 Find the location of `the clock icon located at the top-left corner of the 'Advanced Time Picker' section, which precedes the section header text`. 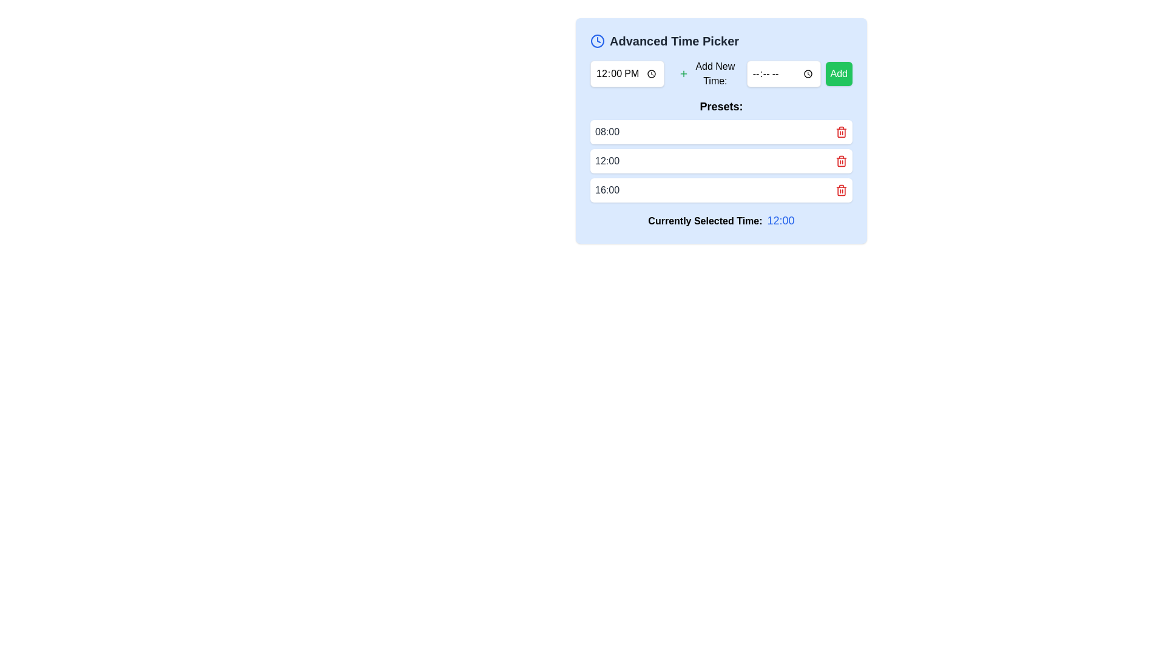

the clock icon located at the top-left corner of the 'Advanced Time Picker' section, which precedes the section header text is located at coordinates (597, 41).